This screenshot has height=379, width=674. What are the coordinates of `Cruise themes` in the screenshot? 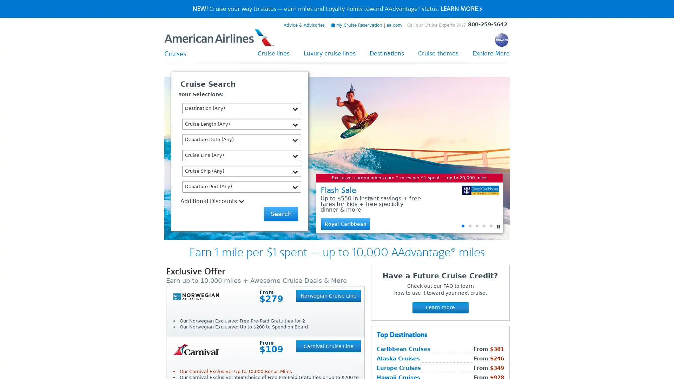 It's located at (438, 53).